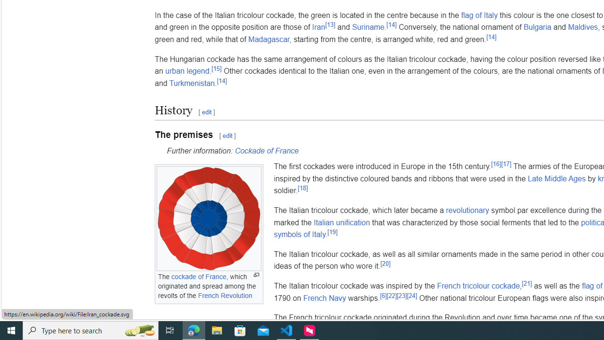  I want to click on 'Iran', so click(319, 26).